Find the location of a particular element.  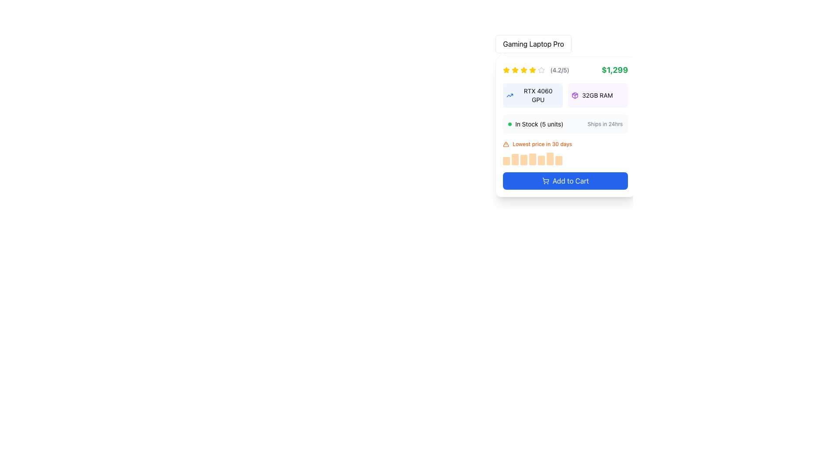

visual rating from the star-based rating display, which shows four filled yellow stars and one unfilled gray star, indicating a rating level is located at coordinates (535, 70).